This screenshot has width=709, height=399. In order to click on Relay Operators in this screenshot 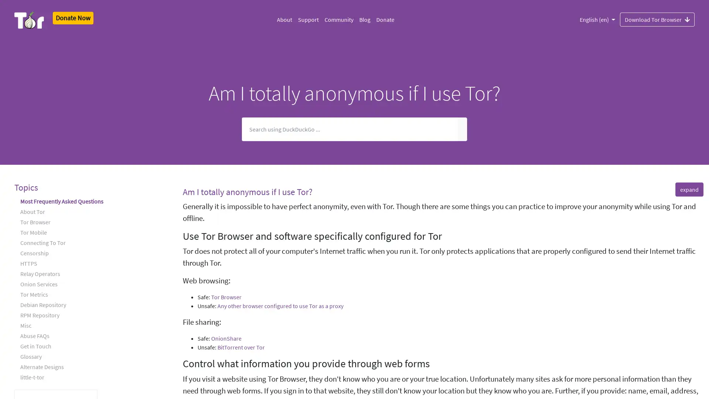, I will do `click(91, 273)`.